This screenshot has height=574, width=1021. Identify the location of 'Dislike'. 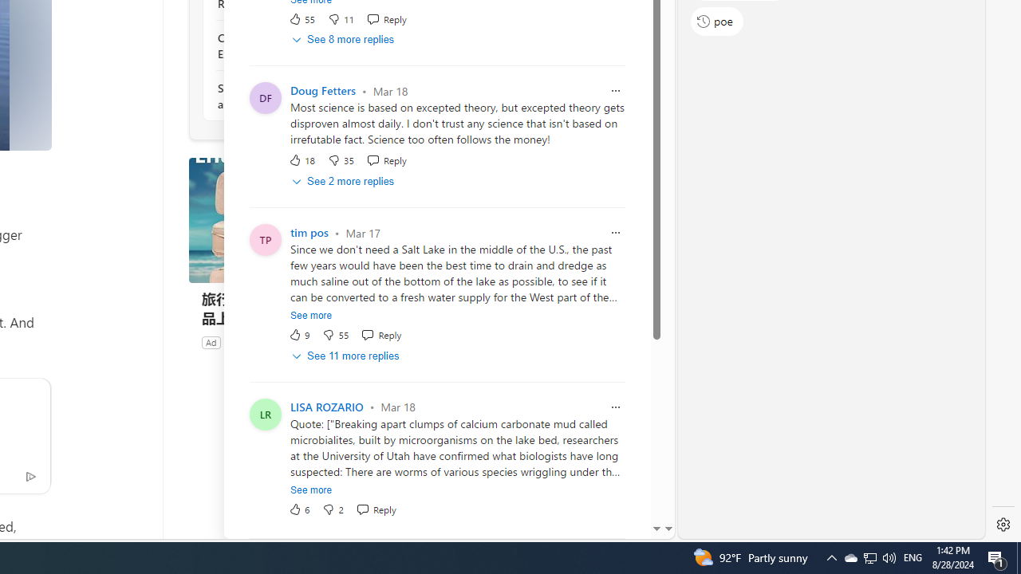
(332, 509).